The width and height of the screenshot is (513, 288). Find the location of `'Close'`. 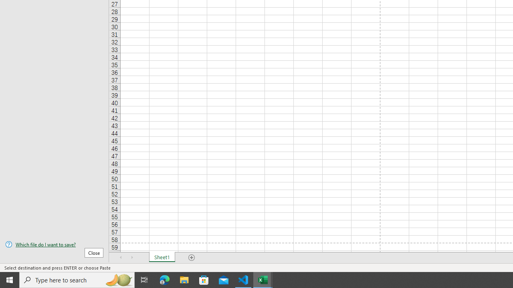

'Close' is located at coordinates (94, 252).